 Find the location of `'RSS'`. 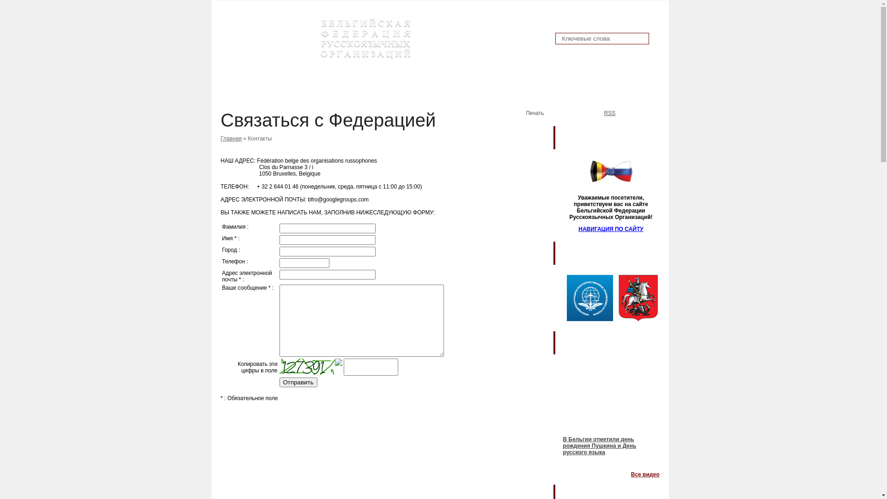

'RSS' is located at coordinates (594, 114).